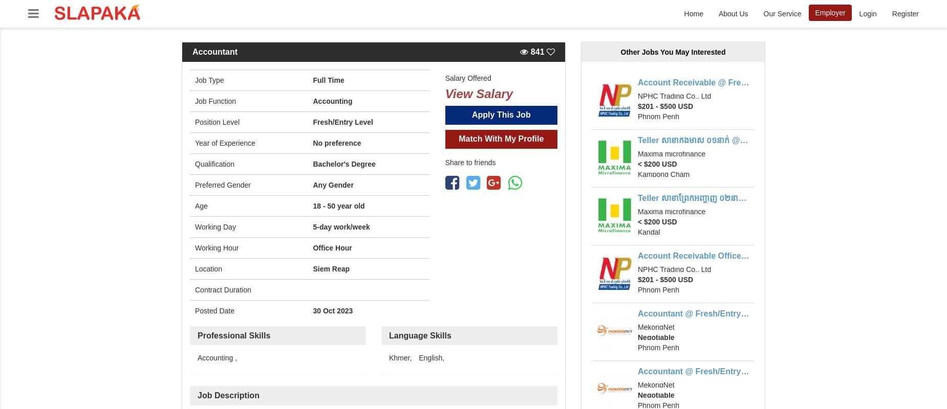 The image size is (947, 409). I want to click on '18 - 50 year old', so click(338, 205).